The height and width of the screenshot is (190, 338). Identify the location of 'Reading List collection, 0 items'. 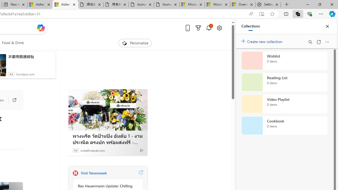
(284, 82).